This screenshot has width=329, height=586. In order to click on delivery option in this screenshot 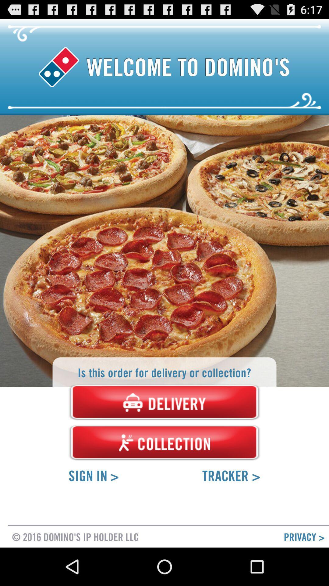, I will do `click(164, 402)`.